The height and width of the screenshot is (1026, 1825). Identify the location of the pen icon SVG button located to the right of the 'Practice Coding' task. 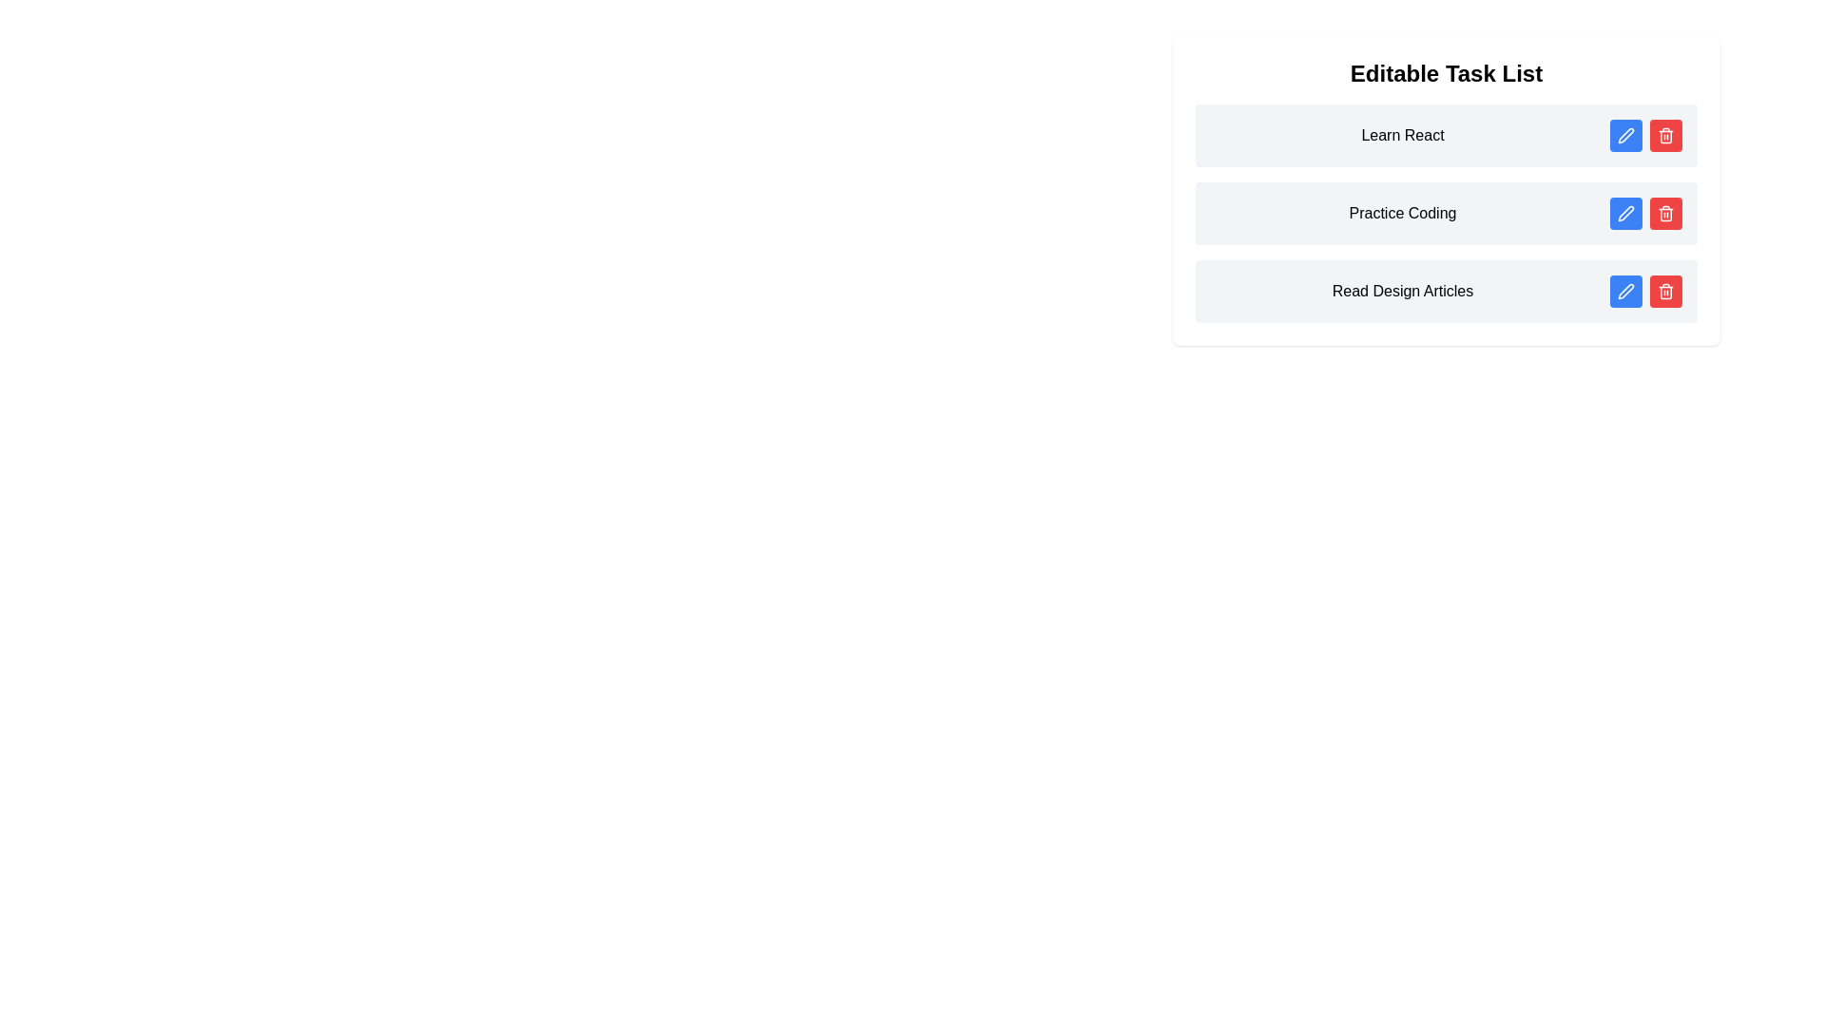
(1624, 213).